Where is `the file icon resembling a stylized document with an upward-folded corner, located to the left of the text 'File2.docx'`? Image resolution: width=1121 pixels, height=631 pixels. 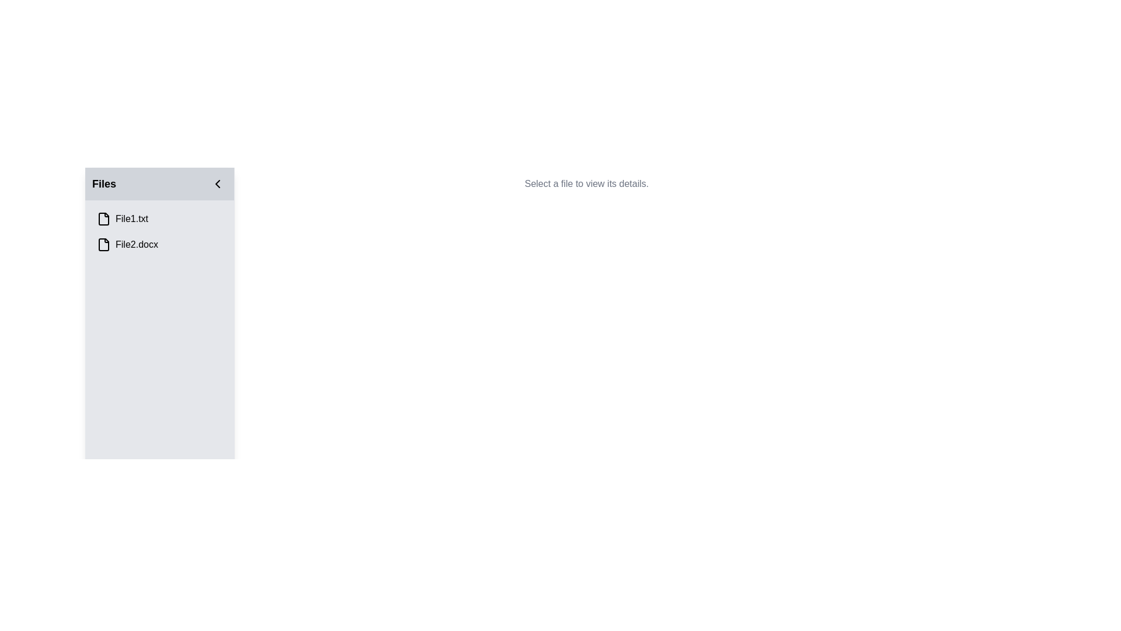
the file icon resembling a stylized document with an upward-folded corner, located to the left of the text 'File2.docx' is located at coordinates (103, 244).